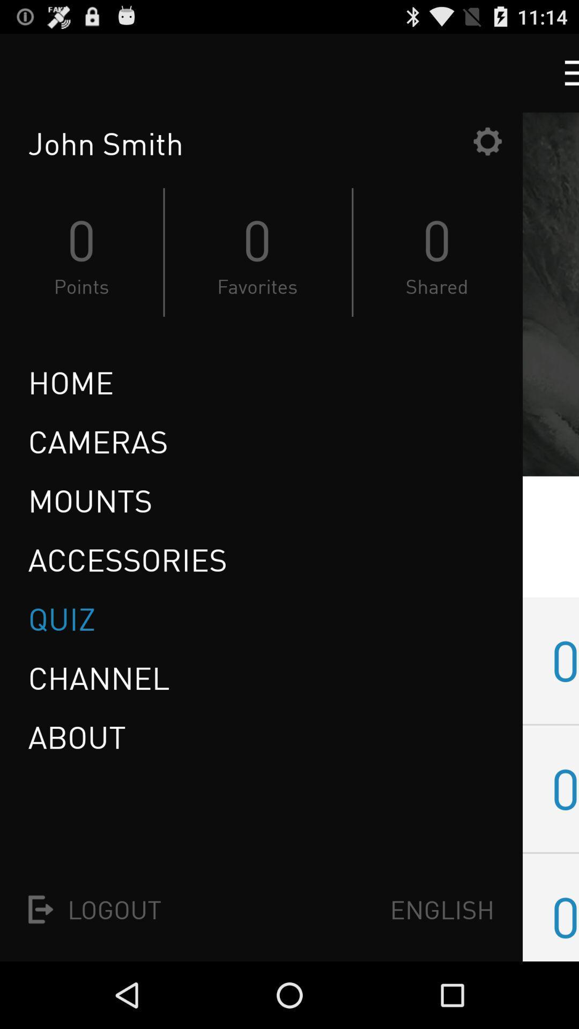 This screenshot has width=579, height=1029. What do you see at coordinates (564, 660) in the screenshot?
I see `icon above 02 icon` at bounding box center [564, 660].